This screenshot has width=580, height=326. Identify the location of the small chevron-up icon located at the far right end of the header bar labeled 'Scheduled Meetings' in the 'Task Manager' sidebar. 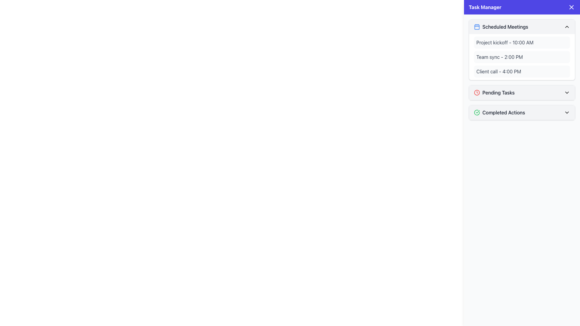
(566, 26).